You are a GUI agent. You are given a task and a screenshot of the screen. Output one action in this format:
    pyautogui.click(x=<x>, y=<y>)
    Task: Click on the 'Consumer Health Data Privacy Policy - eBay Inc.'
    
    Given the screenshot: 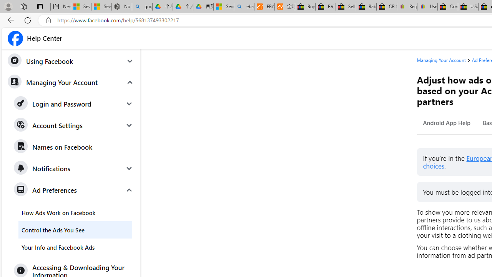 What is the action you would take?
    pyautogui.click(x=448, y=7)
    